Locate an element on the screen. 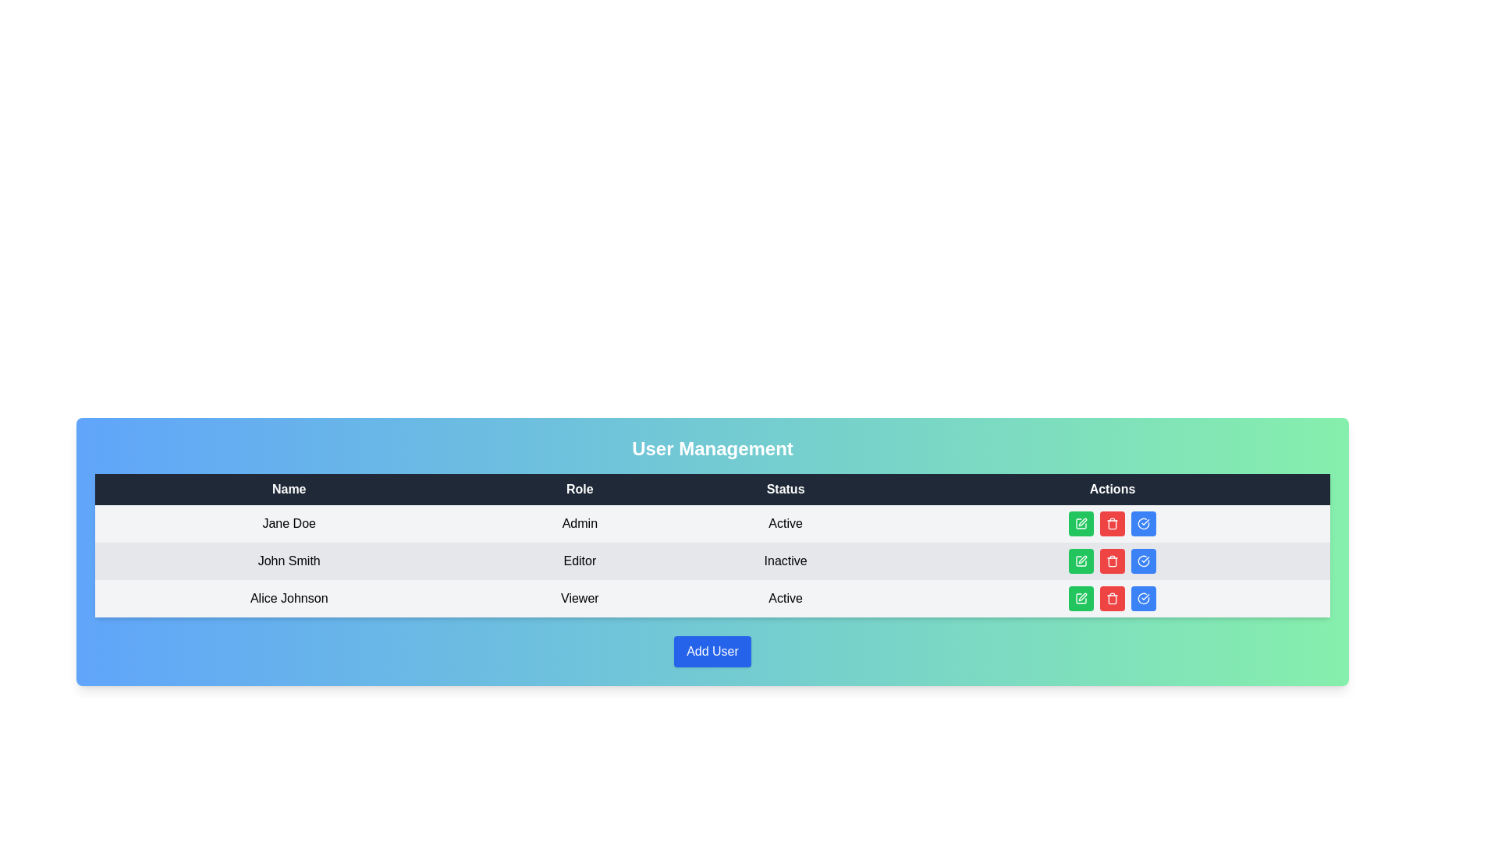 The height and width of the screenshot is (842, 1498). the text label displaying 'John Smith' in the user management interface, located in the second row under the 'Name' column is located at coordinates (289, 561).